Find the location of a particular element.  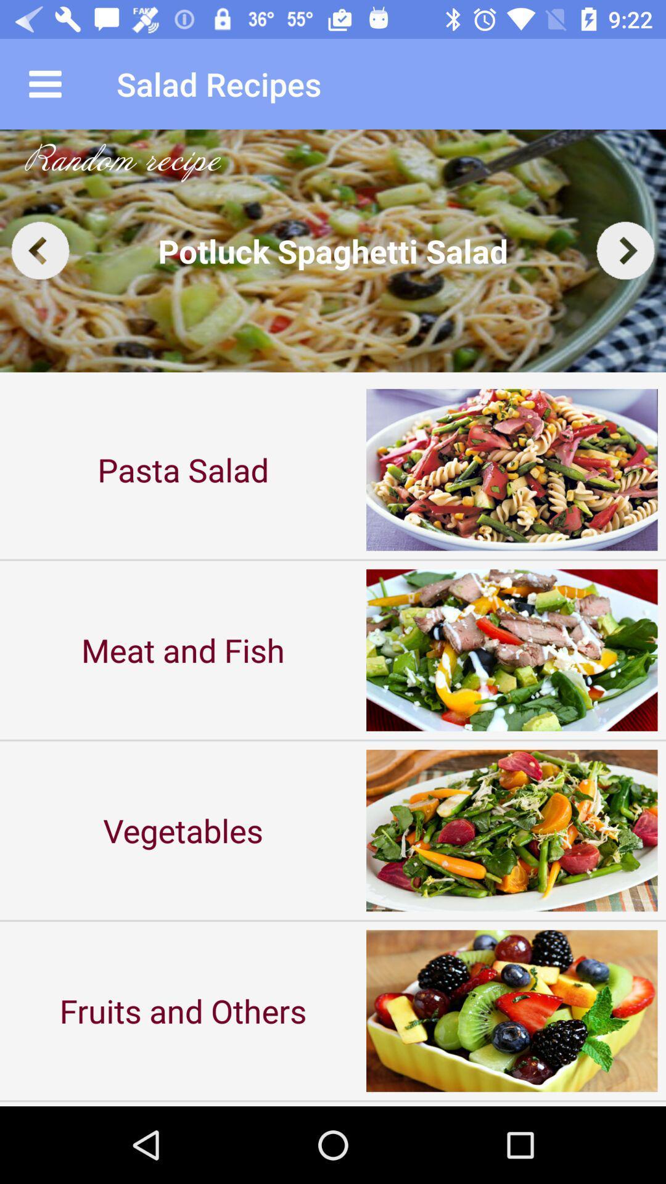

the icon to the left of the salad recipes app is located at coordinates (44, 83).